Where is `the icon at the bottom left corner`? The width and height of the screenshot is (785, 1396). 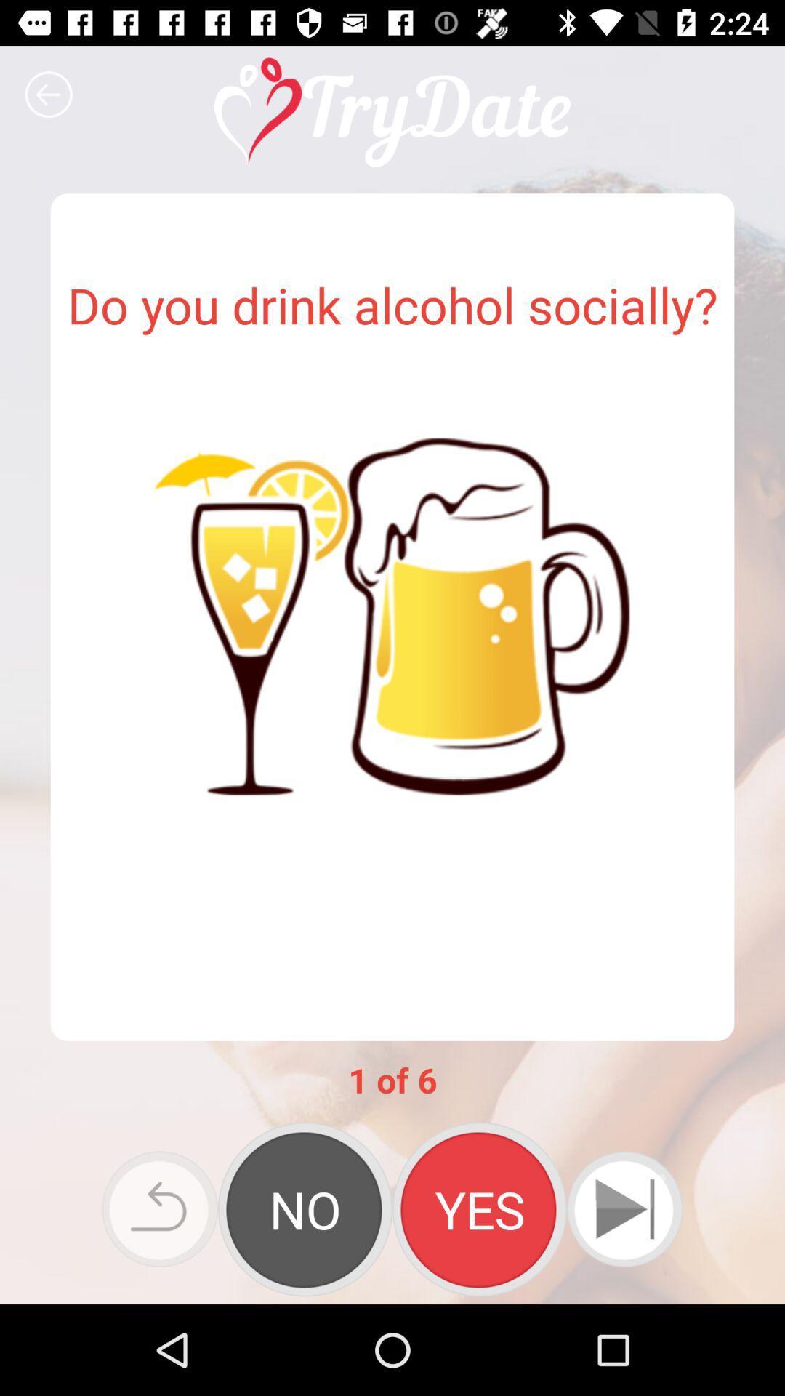
the icon at the bottom left corner is located at coordinates (160, 1209).